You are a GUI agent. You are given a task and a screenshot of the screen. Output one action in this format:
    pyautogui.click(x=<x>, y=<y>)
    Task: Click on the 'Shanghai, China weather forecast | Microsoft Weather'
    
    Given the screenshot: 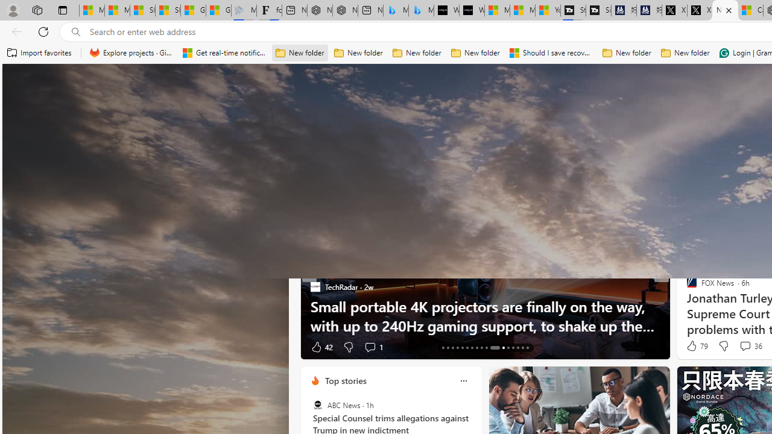 What is the action you would take?
    pyautogui.click(x=168, y=10)
    